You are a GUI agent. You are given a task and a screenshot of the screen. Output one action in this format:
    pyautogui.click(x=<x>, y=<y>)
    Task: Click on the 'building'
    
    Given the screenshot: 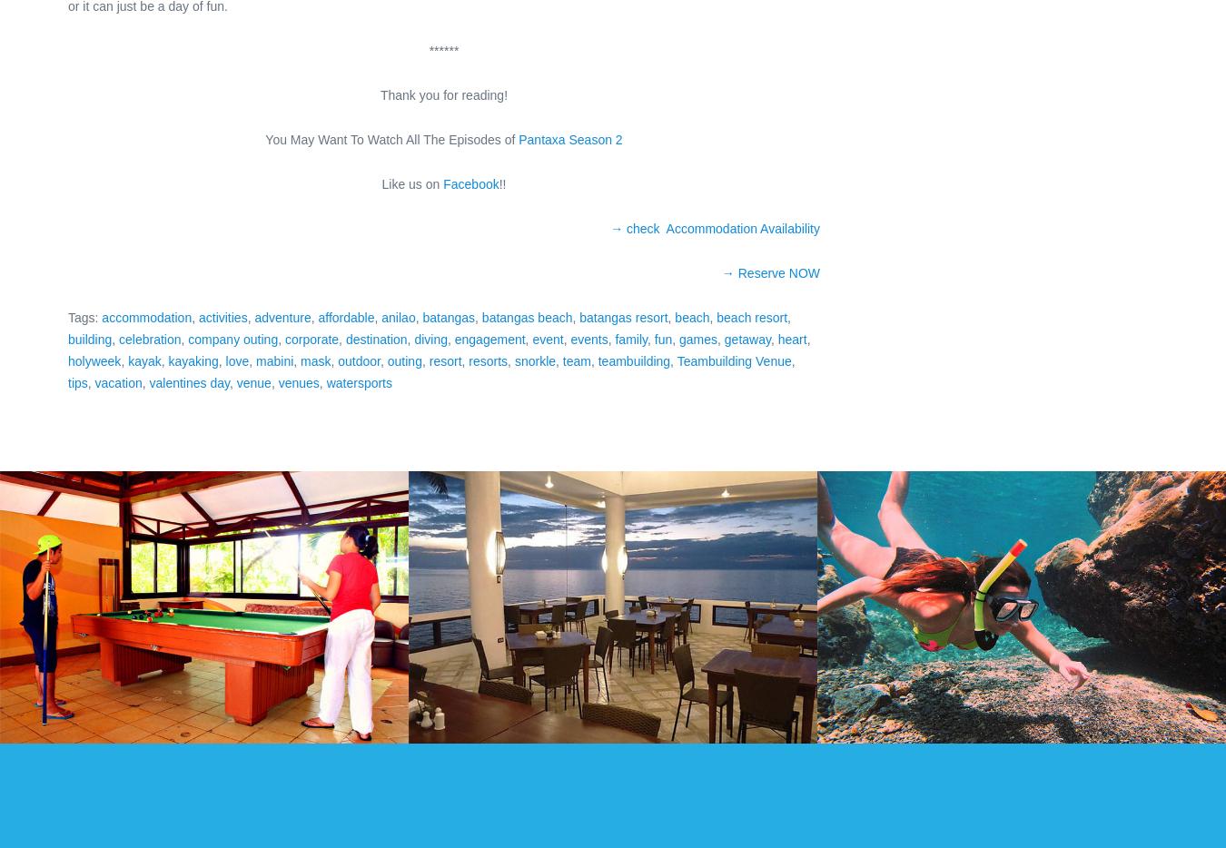 What is the action you would take?
    pyautogui.click(x=67, y=339)
    